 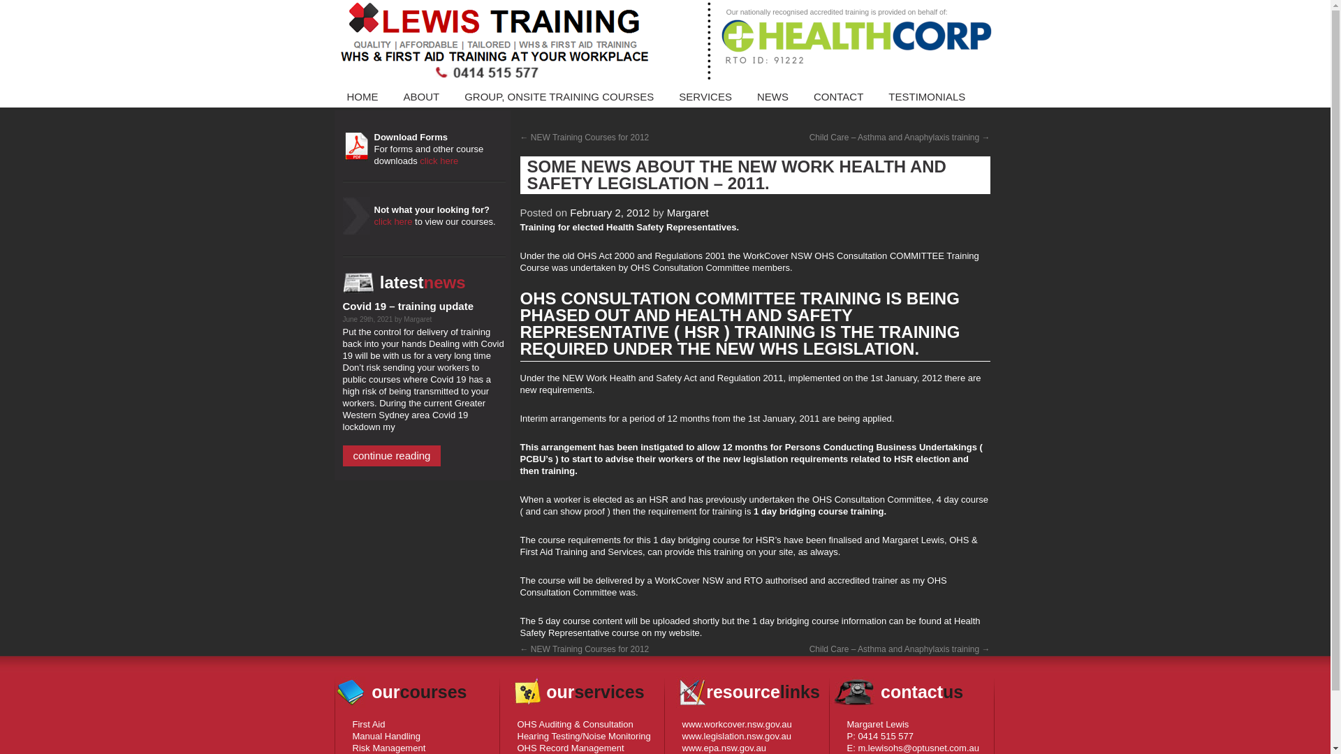 I want to click on 'TESTIMONIALS', so click(x=926, y=96).